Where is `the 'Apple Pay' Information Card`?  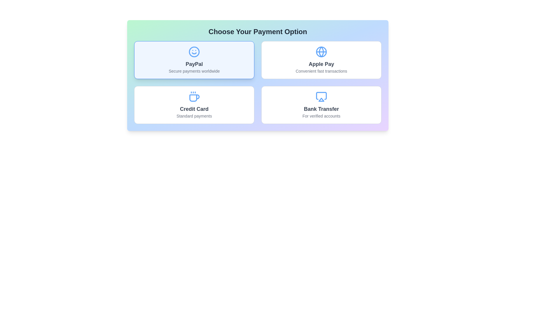 the 'Apple Pay' Information Card is located at coordinates (321, 60).